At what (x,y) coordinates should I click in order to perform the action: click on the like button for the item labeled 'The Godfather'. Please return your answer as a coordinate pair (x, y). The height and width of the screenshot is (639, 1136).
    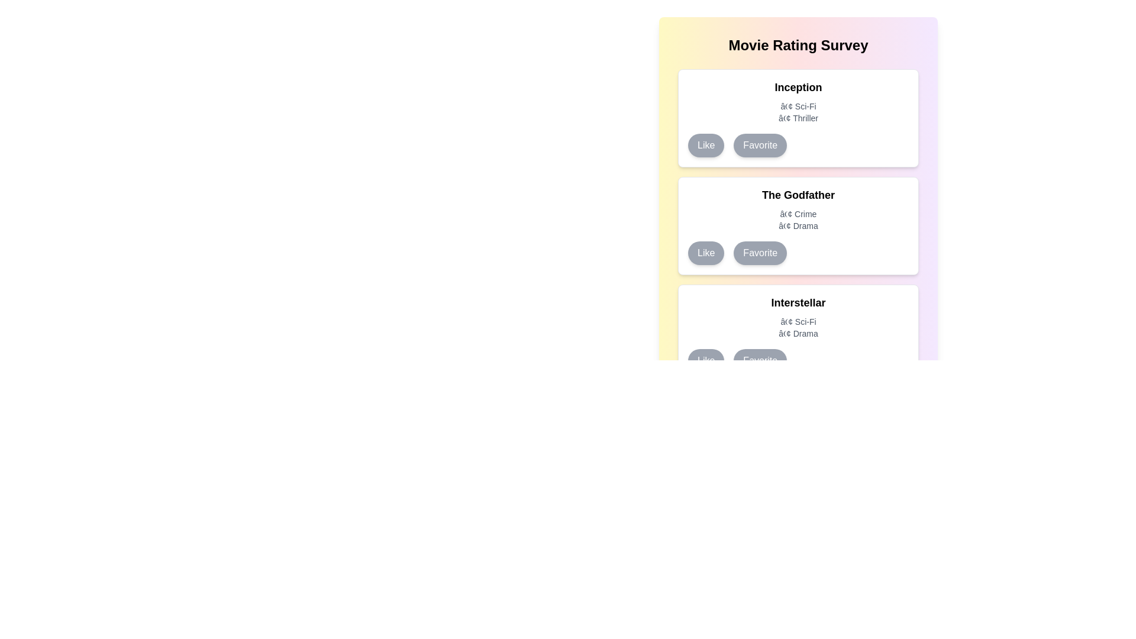
    Looking at the image, I should click on (706, 253).